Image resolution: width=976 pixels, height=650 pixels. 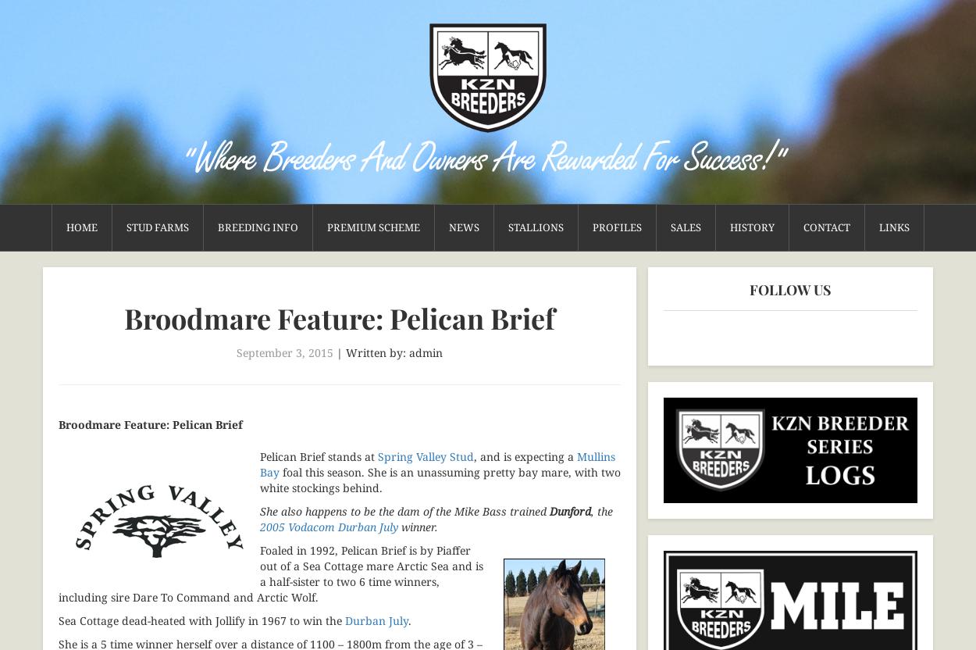 What do you see at coordinates (536, 227) in the screenshot?
I see `'Stallions'` at bounding box center [536, 227].